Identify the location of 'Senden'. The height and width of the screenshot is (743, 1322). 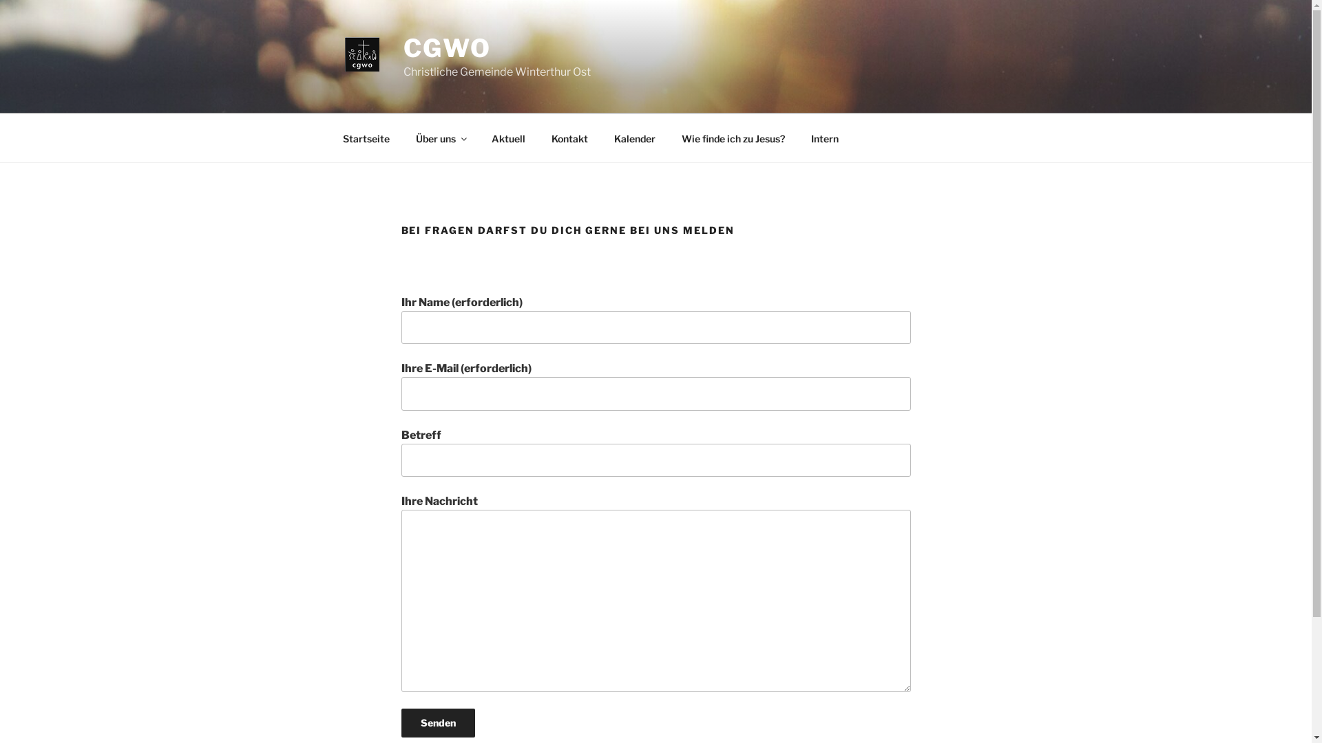
(399, 722).